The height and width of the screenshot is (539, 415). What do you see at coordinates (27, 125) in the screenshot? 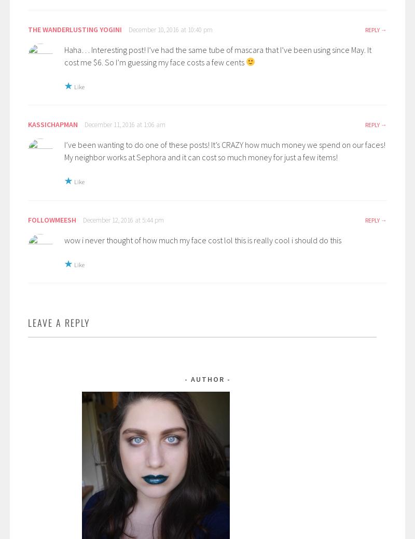
I see `'kassichapman'` at bounding box center [27, 125].